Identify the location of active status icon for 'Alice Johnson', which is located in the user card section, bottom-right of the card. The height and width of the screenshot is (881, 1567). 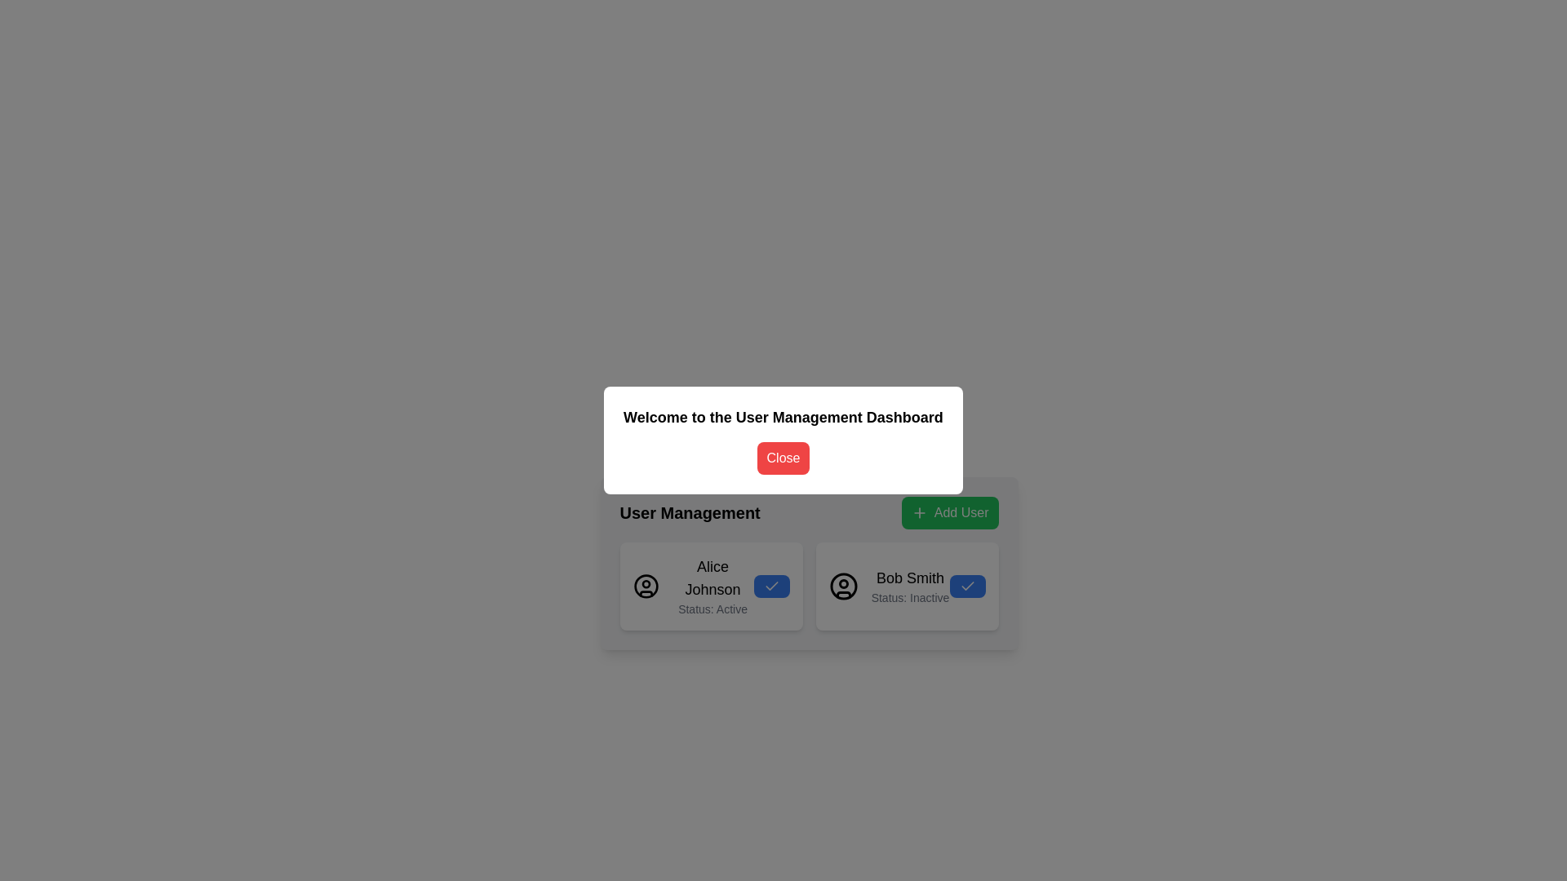
(770, 585).